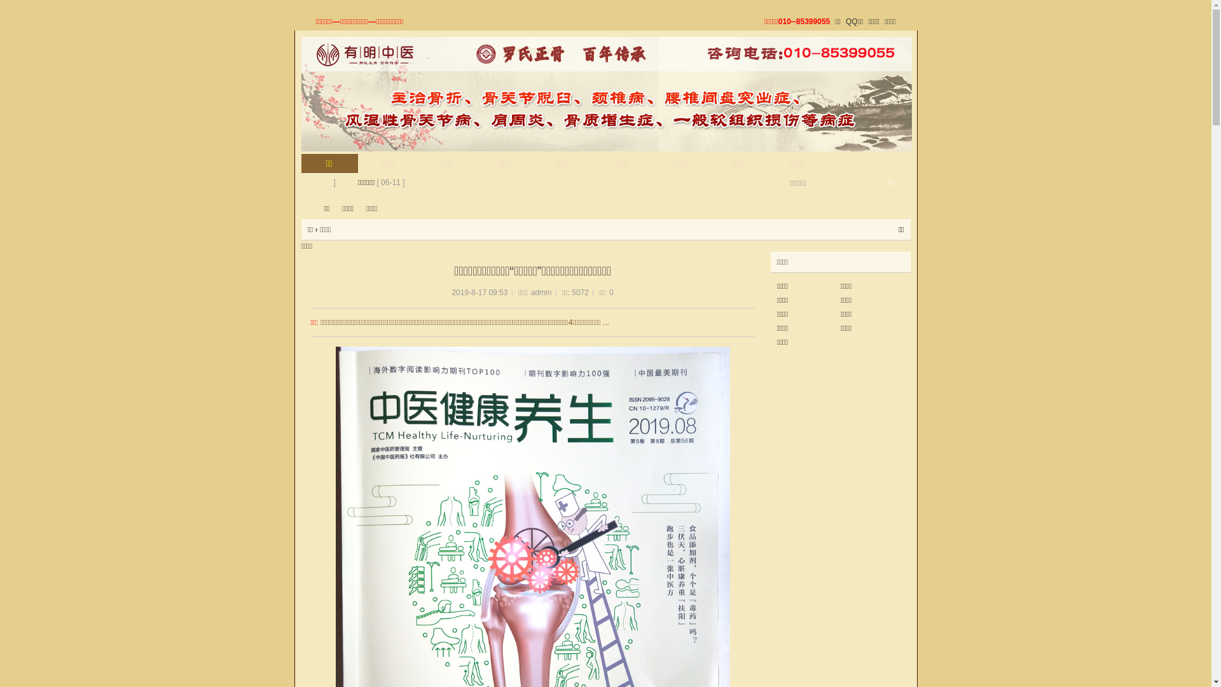  I want to click on 'admin', so click(541, 292).